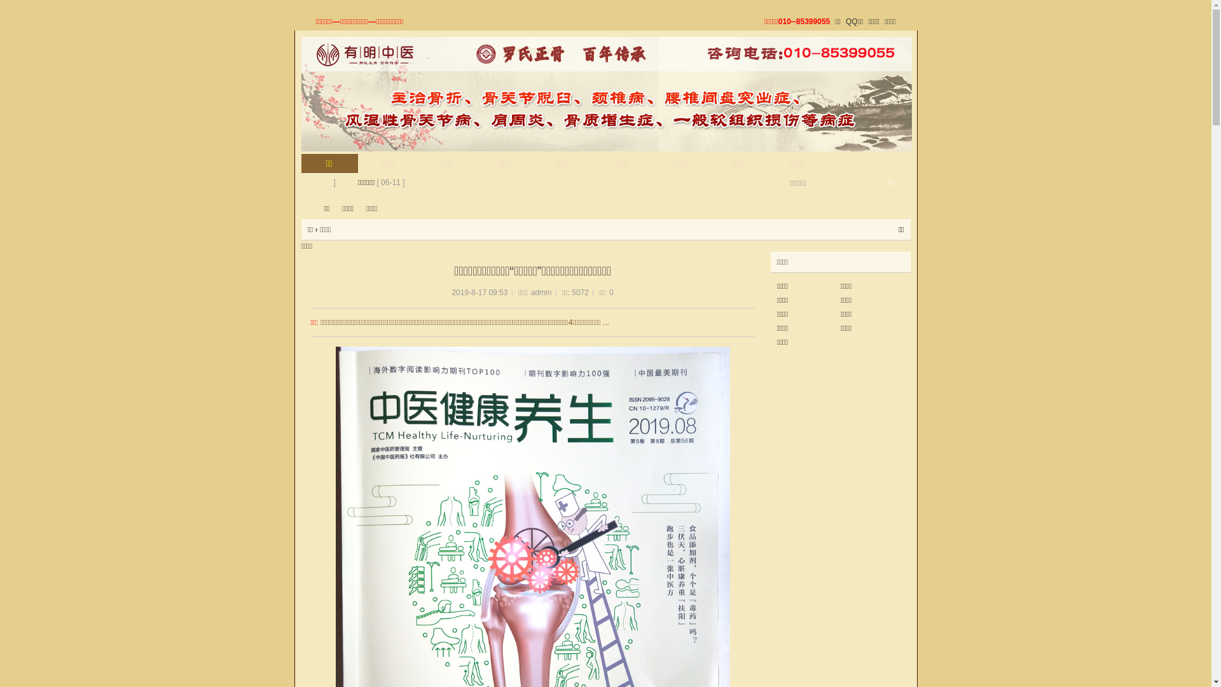  I want to click on 'admin', so click(541, 292).